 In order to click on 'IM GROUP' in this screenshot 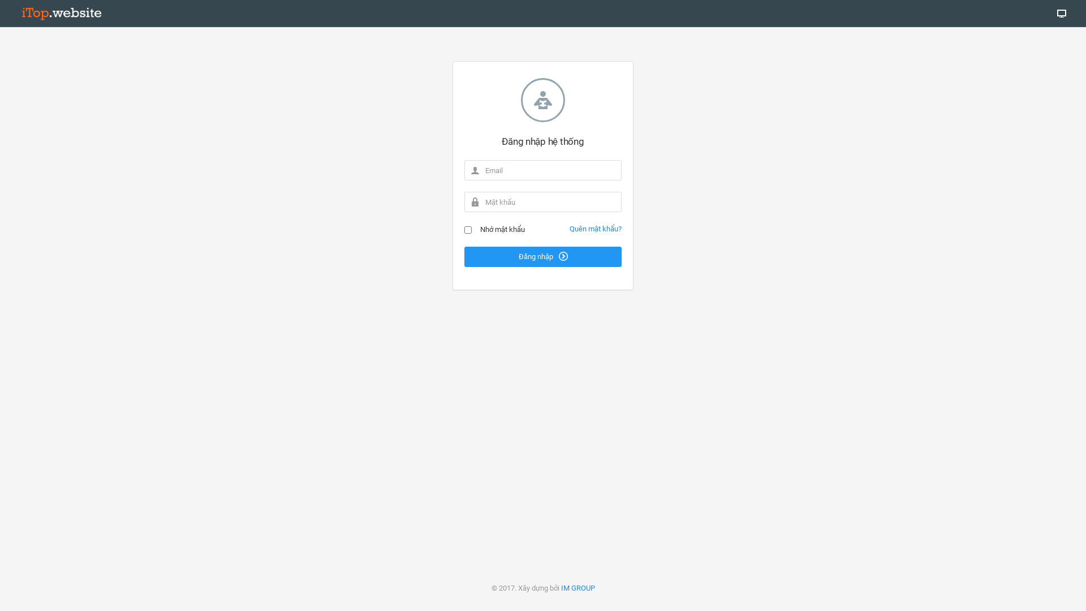, I will do `click(578, 587)`.